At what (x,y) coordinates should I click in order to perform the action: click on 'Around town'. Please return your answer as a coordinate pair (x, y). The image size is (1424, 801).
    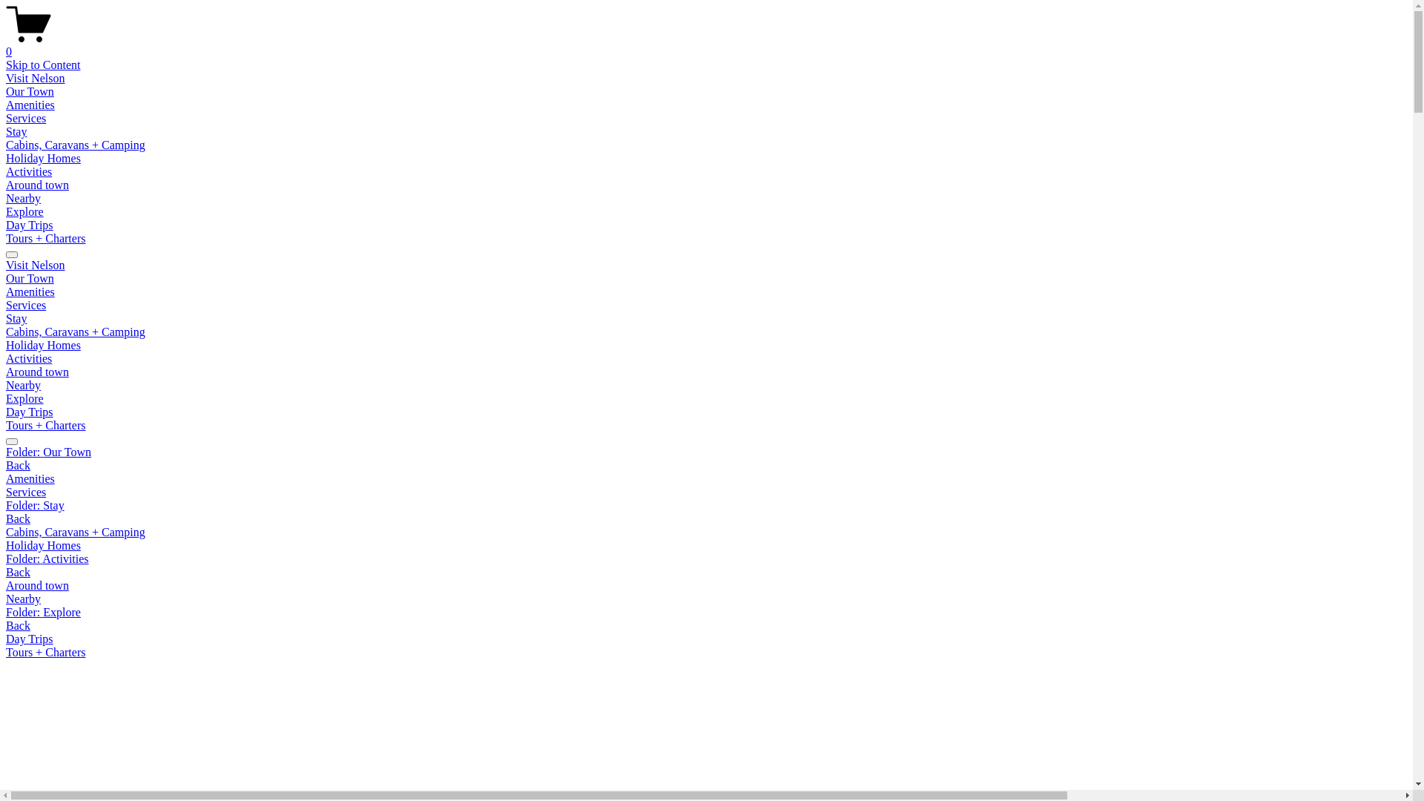
    Looking at the image, I should click on (37, 184).